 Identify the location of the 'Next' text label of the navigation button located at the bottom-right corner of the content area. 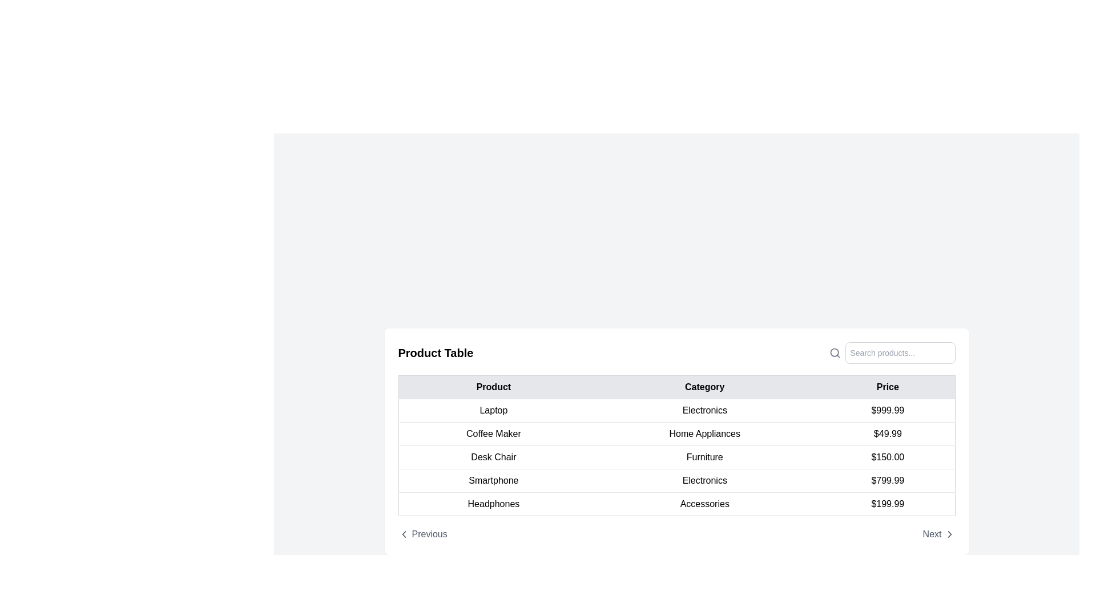
(932, 534).